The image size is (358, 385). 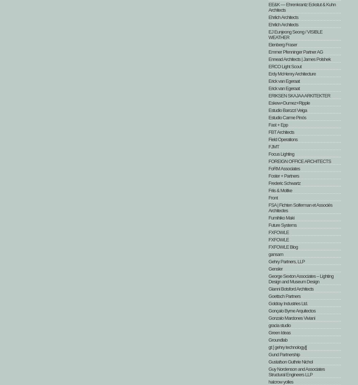 What do you see at coordinates (268, 103) in the screenshot?
I see `'Eskew+Dumez+Ripple'` at bounding box center [268, 103].